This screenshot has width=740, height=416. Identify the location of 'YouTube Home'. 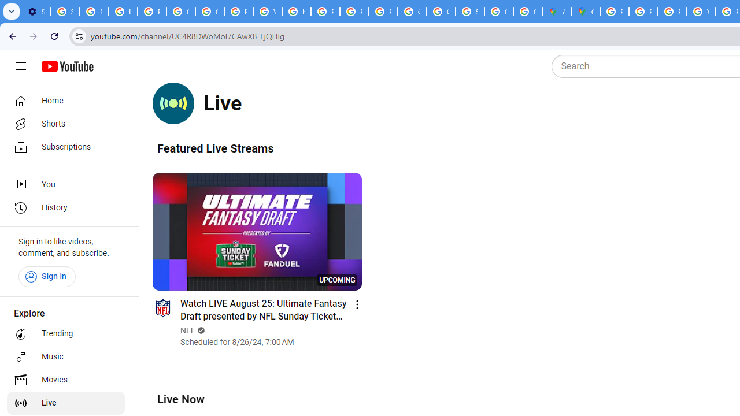
(66, 66).